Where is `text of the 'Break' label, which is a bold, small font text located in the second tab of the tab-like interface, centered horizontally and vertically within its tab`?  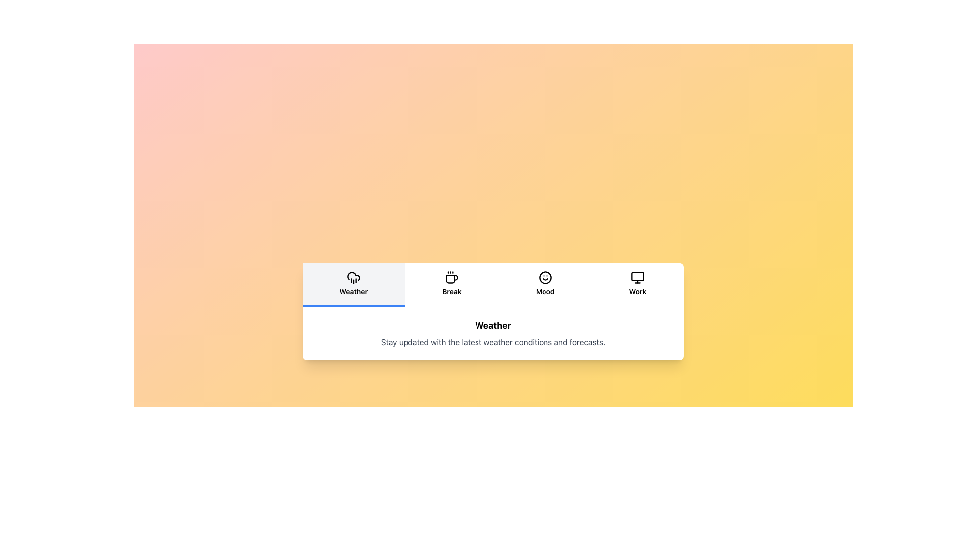
text of the 'Break' label, which is a bold, small font text located in the second tab of the tab-like interface, centered horizontally and vertically within its tab is located at coordinates (451, 291).